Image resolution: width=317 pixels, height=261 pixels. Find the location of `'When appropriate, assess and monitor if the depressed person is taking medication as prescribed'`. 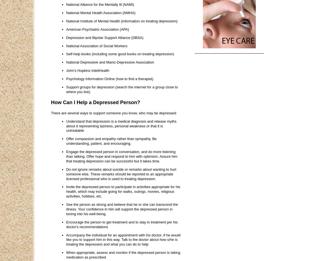

'When appropriate, assess and monitor if the depressed person is taking medication as prescribed' is located at coordinates (66, 254).